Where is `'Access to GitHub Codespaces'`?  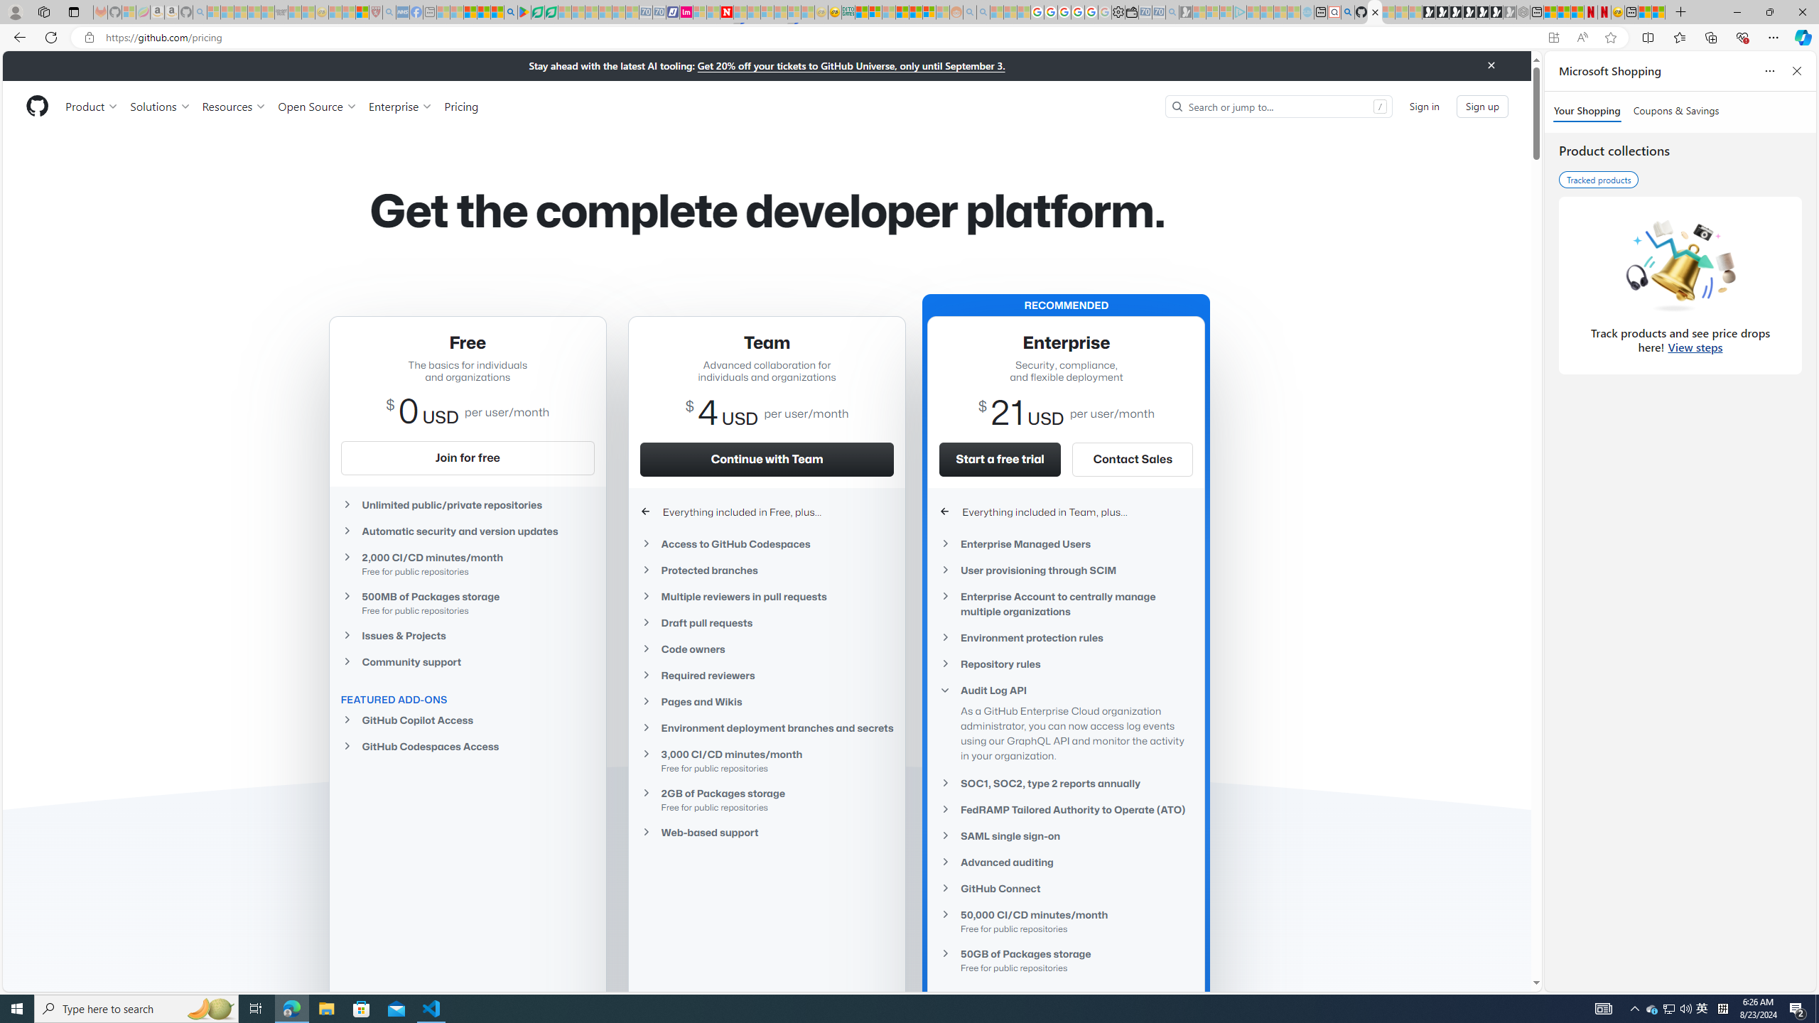
'Access to GitHub Codespaces' is located at coordinates (767, 543).